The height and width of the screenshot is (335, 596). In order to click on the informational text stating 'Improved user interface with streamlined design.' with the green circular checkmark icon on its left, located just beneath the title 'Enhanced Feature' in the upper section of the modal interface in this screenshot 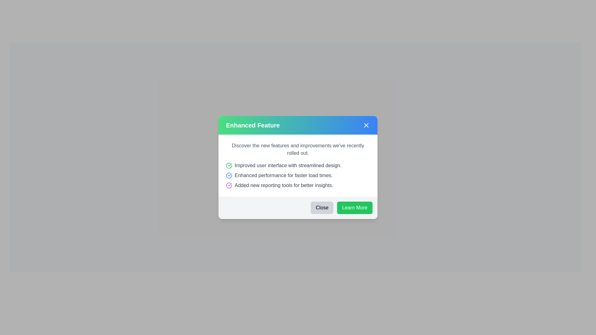, I will do `click(298, 165)`.